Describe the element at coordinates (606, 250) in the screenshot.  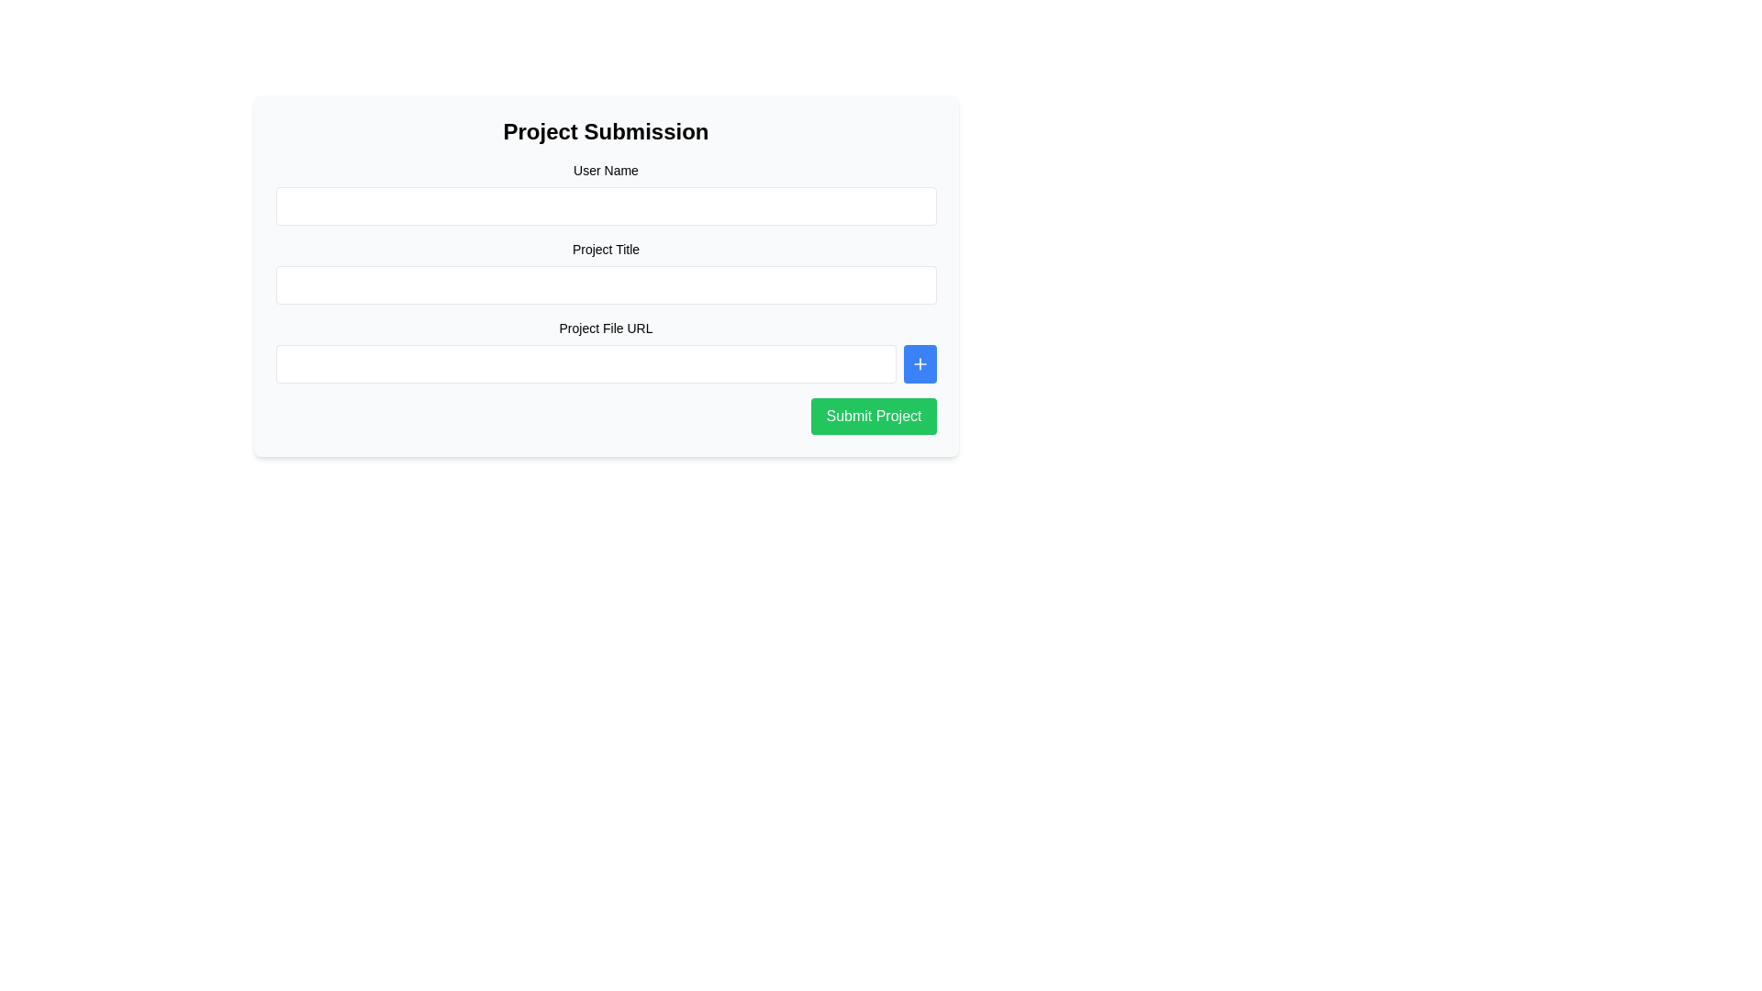
I see `the 'Project Title' text label, which is styled with a small bold font and positioned above the project title input field in the 'Project Submission' form` at that location.